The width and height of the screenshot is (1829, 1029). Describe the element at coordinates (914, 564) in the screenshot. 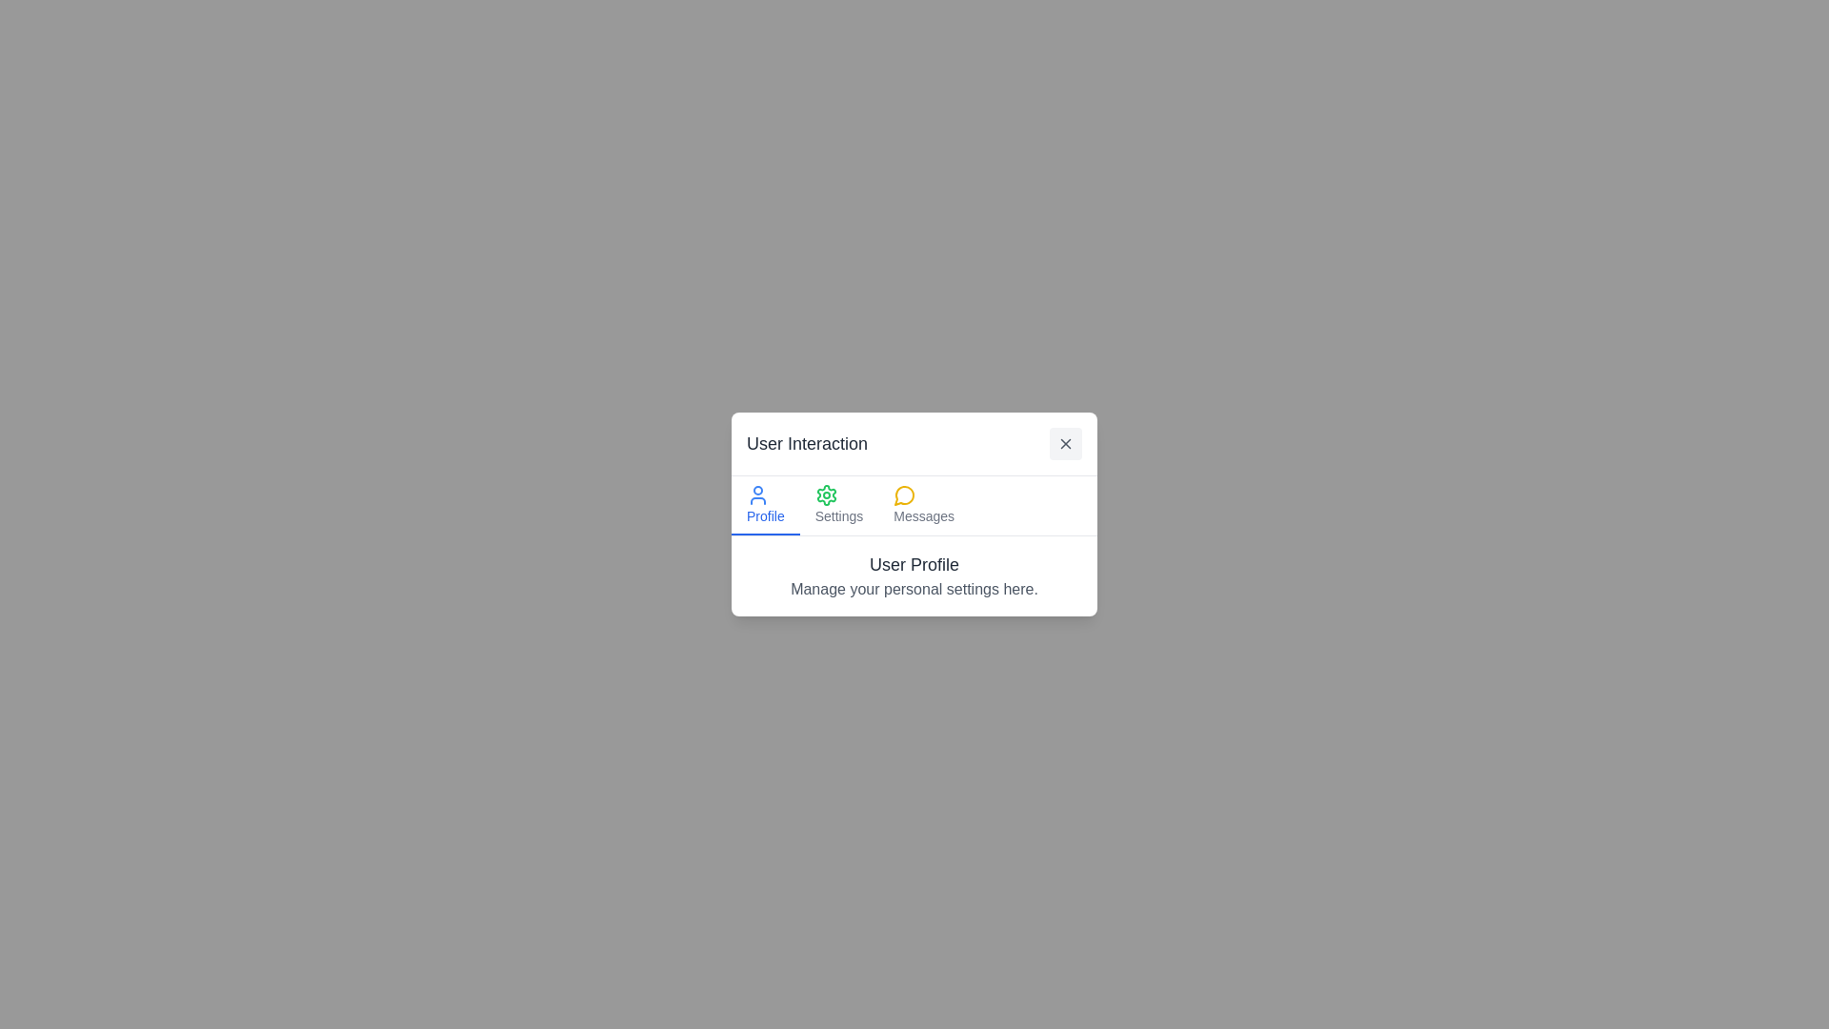

I see `the text label styled as a header with the text 'User Profile' within the 'User Interaction' popup panel to identify the user profile settings section` at that location.